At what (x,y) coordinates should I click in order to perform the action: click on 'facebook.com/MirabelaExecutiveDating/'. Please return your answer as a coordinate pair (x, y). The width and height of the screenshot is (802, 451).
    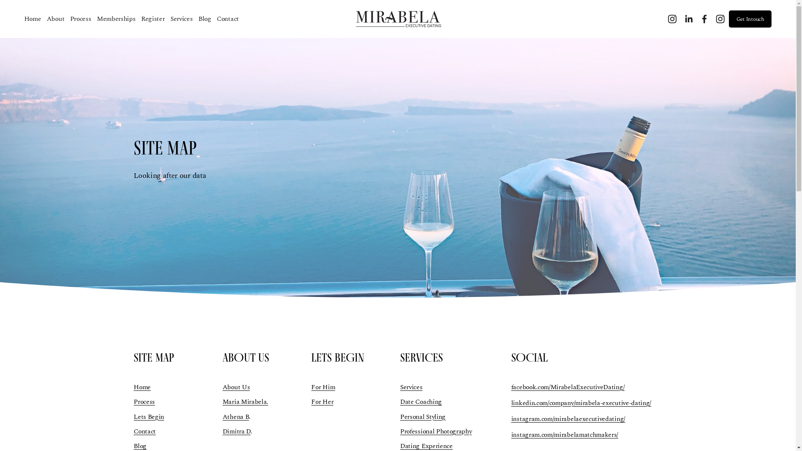
    Looking at the image, I should click on (568, 387).